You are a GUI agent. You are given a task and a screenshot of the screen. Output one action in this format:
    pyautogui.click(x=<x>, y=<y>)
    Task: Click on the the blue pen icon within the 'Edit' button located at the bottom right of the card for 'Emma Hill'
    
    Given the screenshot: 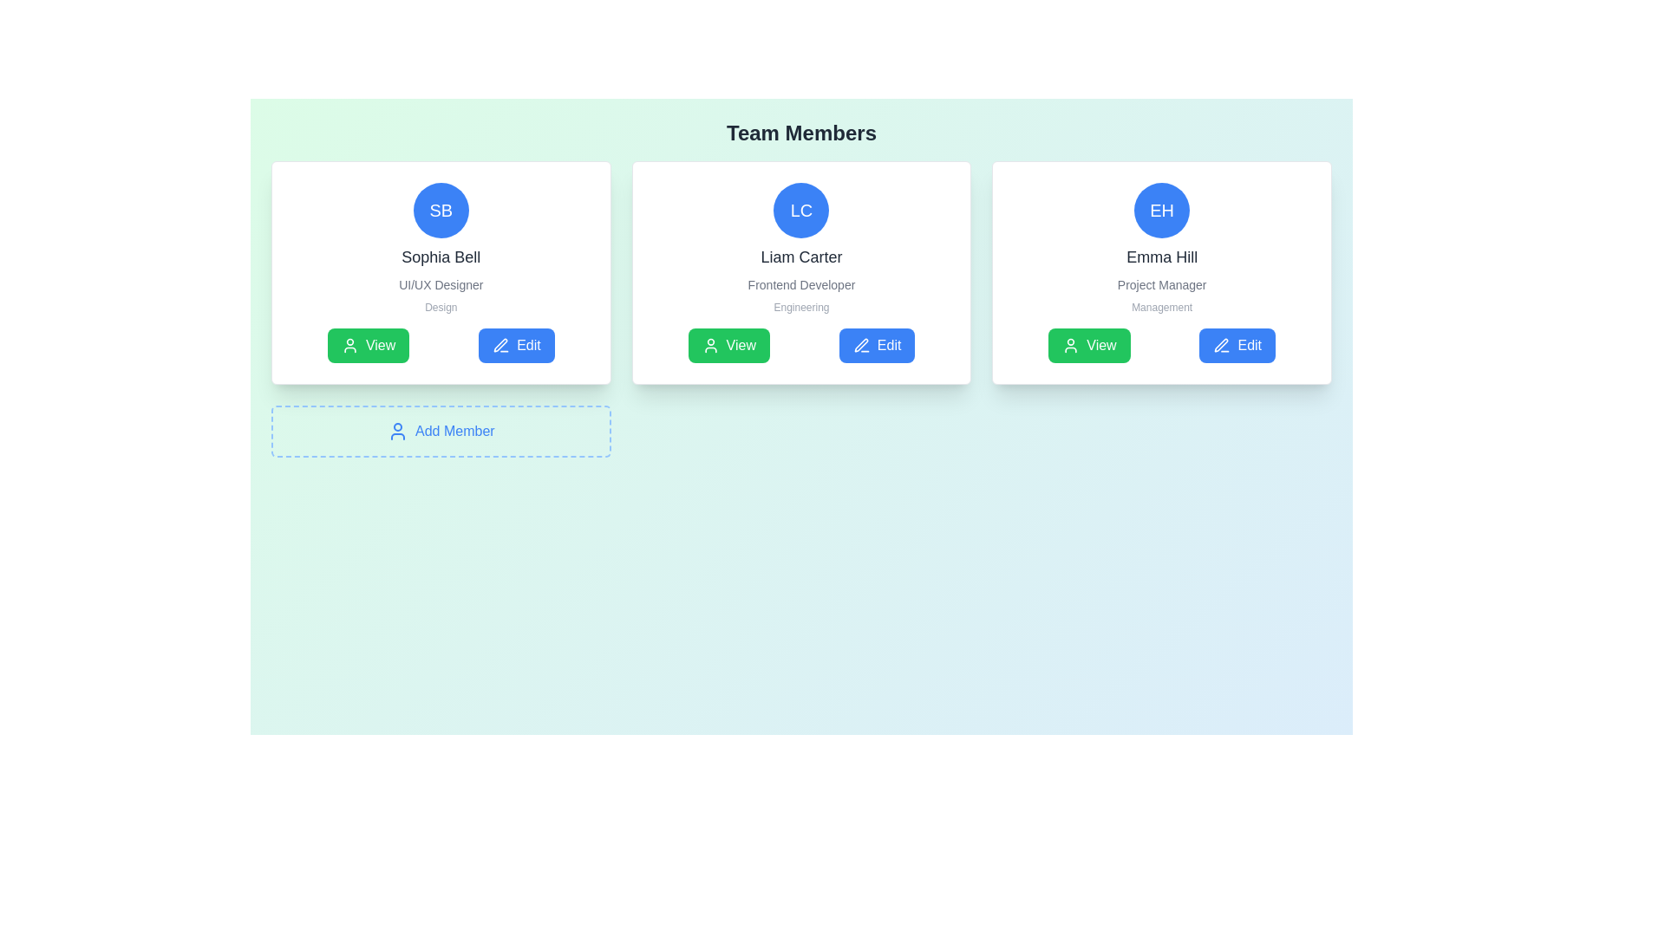 What is the action you would take?
    pyautogui.click(x=1221, y=345)
    